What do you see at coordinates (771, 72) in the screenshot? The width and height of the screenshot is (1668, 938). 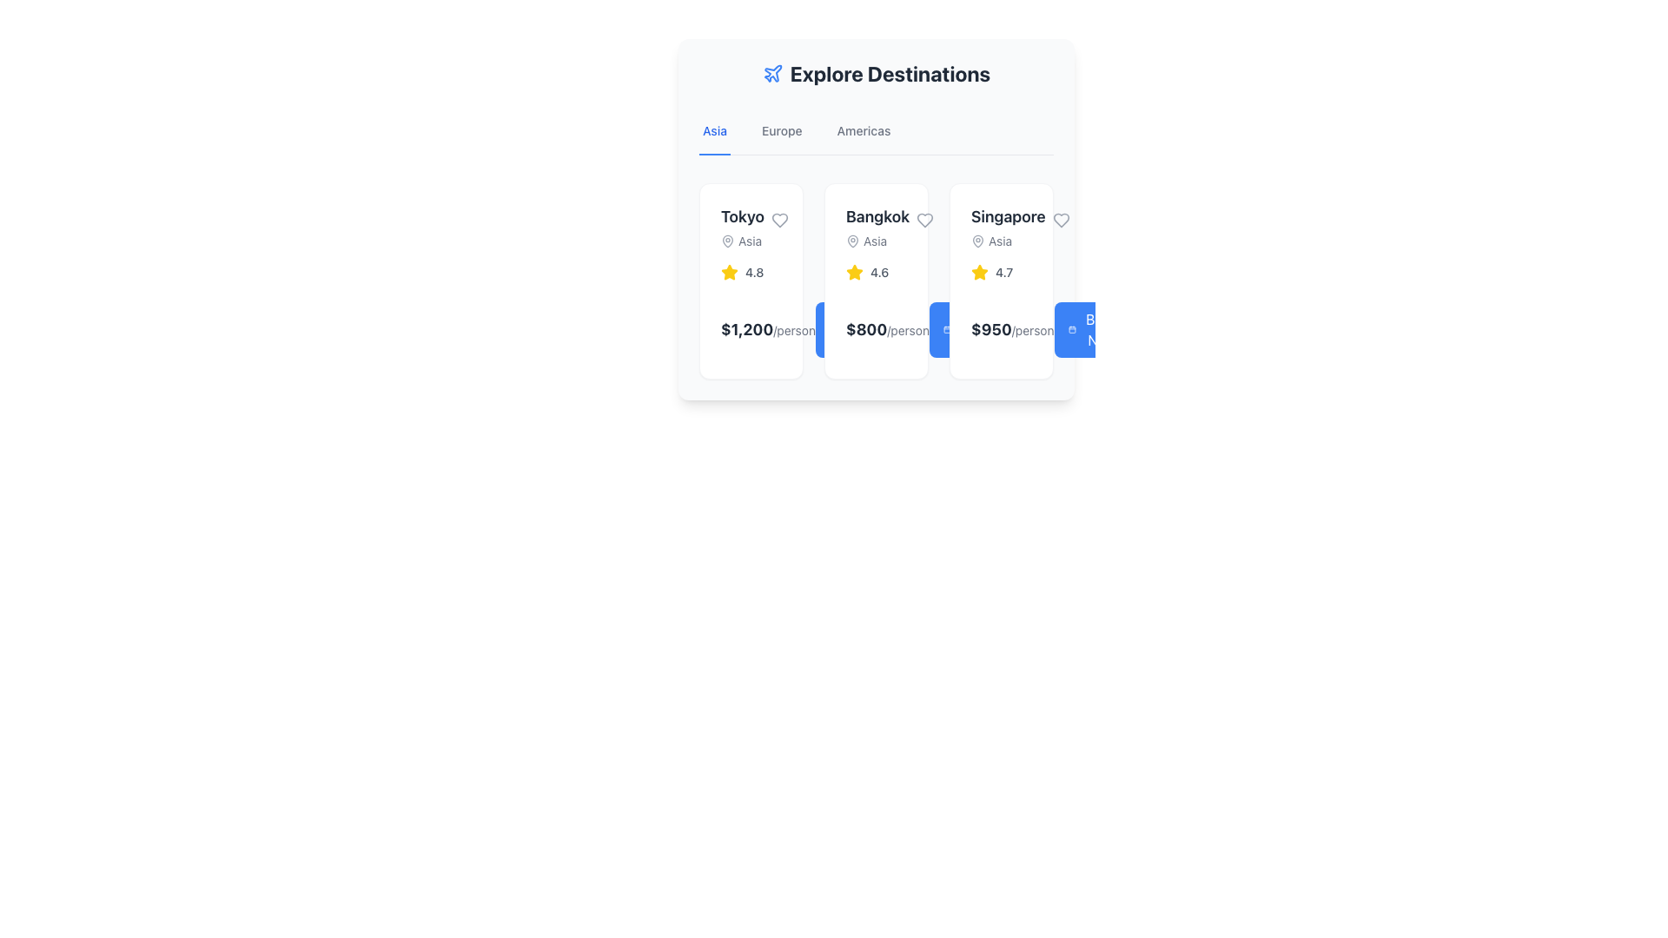 I see `the airplane icon with a blue outline located to the left of the 'Explore Destinations' title` at bounding box center [771, 72].